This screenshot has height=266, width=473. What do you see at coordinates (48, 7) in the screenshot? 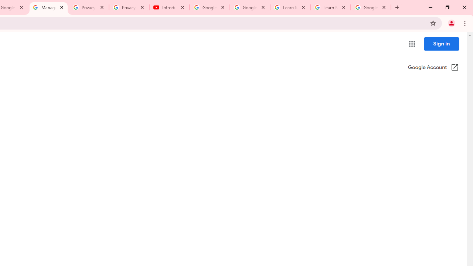
I see `'Manage your location settings & data - Google Account Help'` at bounding box center [48, 7].